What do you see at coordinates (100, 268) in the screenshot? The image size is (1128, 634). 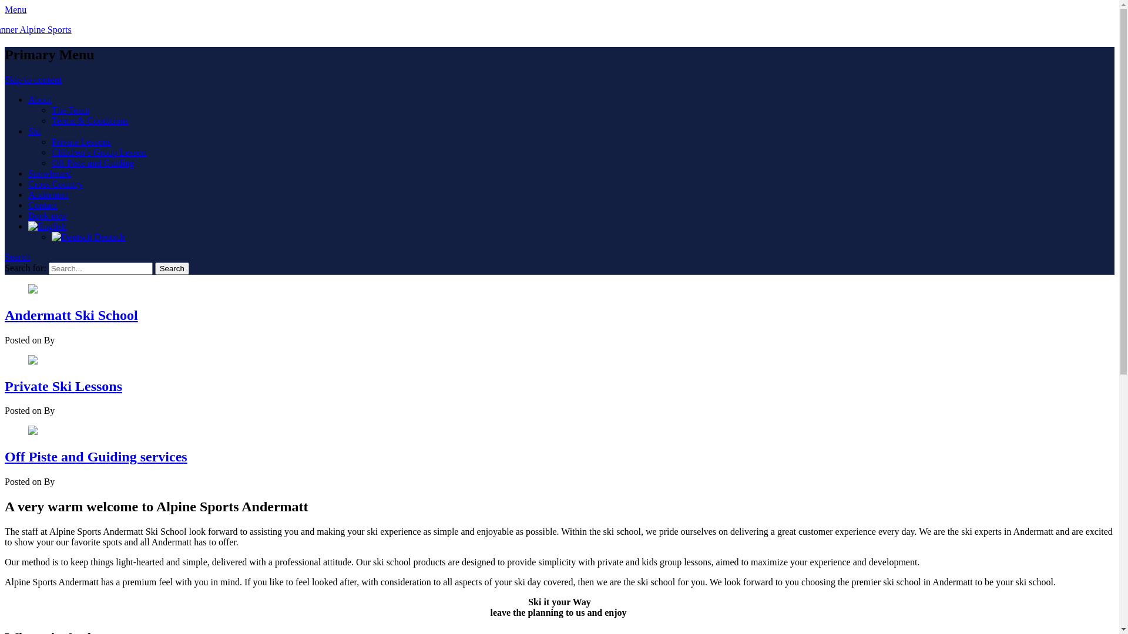 I see `'Search for:'` at bounding box center [100, 268].